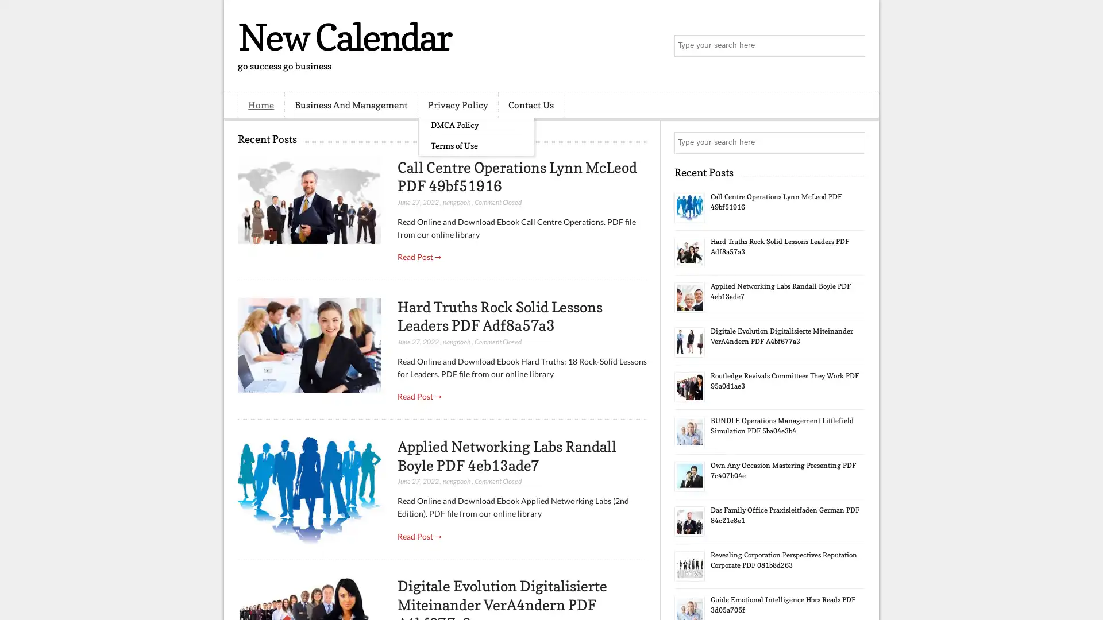 The height and width of the screenshot is (620, 1103). What do you see at coordinates (853, 46) in the screenshot?
I see `Search` at bounding box center [853, 46].